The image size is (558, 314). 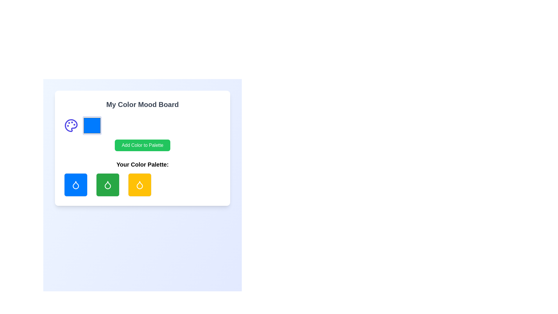 I want to click on the color palette icon located in the center of the green box under 'Your Color Palette', so click(x=108, y=185).